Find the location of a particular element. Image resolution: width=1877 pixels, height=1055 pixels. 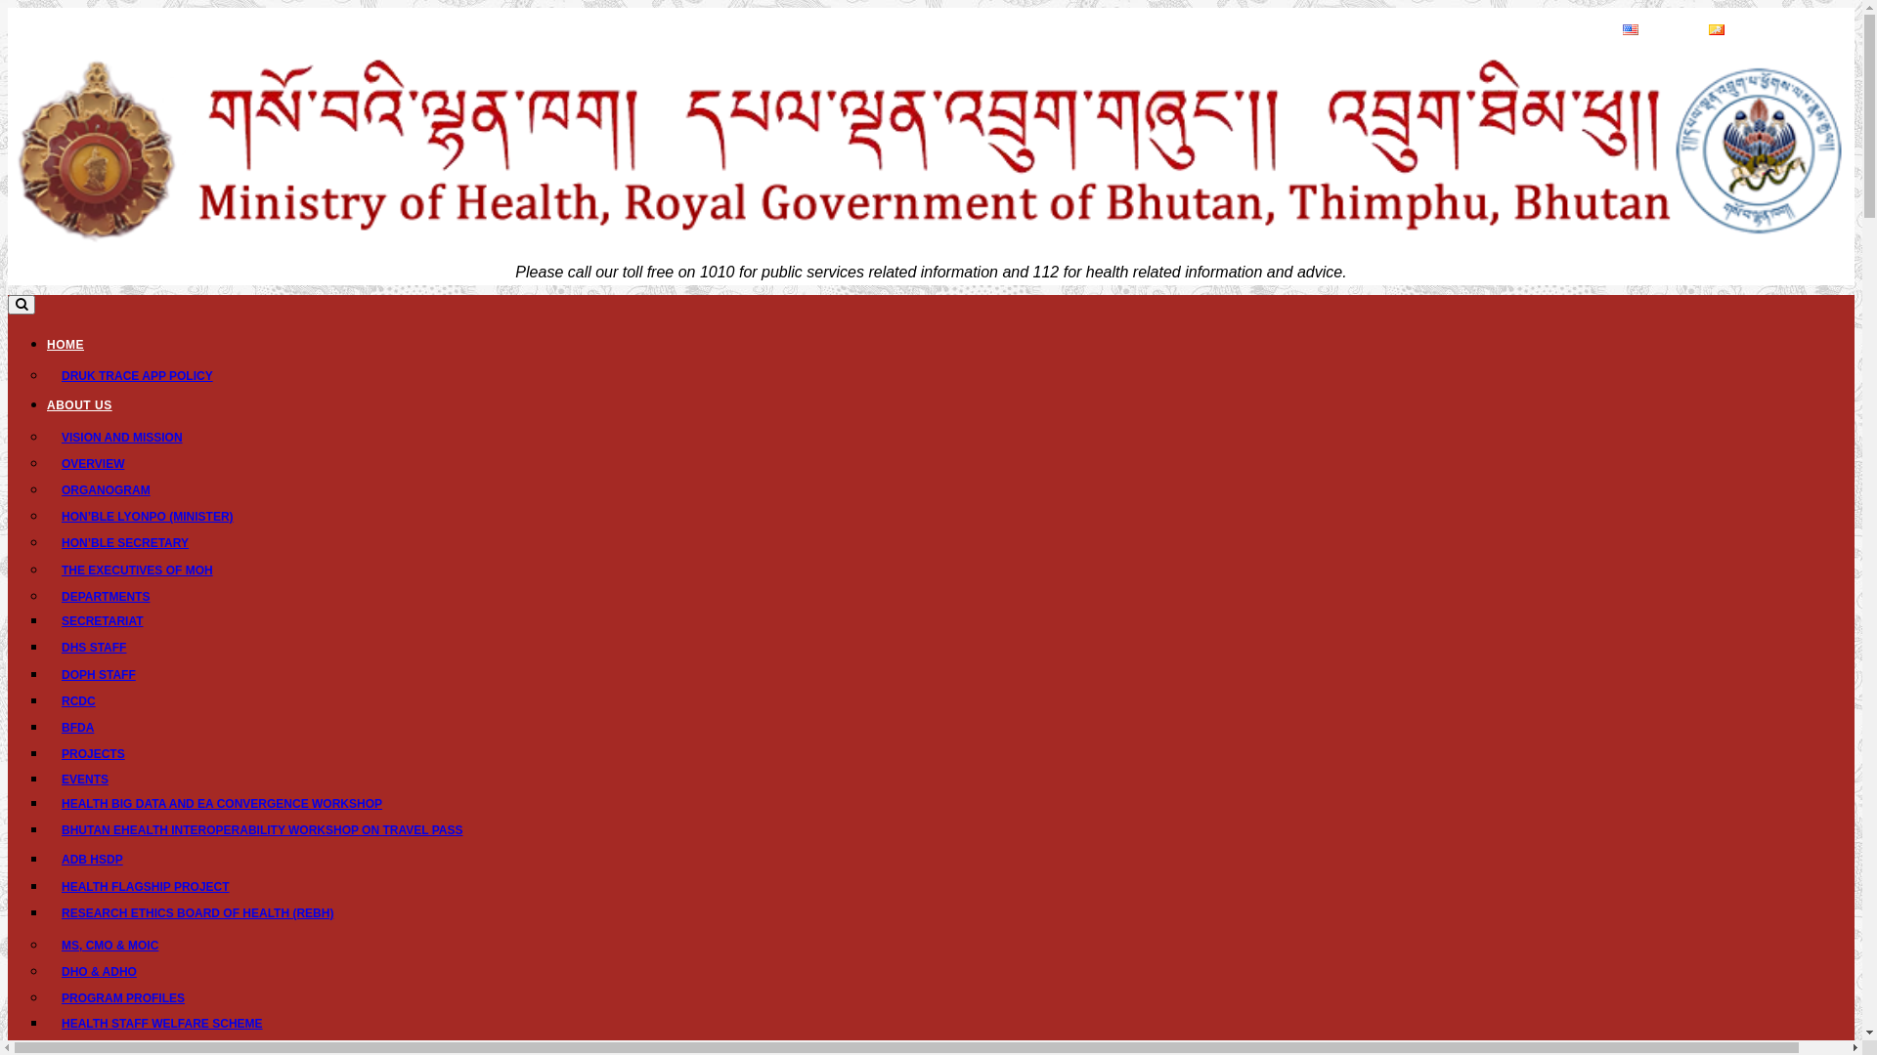

'HEALTH STAFF WELFARE SCHEME' is located at coordinates (172, 1023).